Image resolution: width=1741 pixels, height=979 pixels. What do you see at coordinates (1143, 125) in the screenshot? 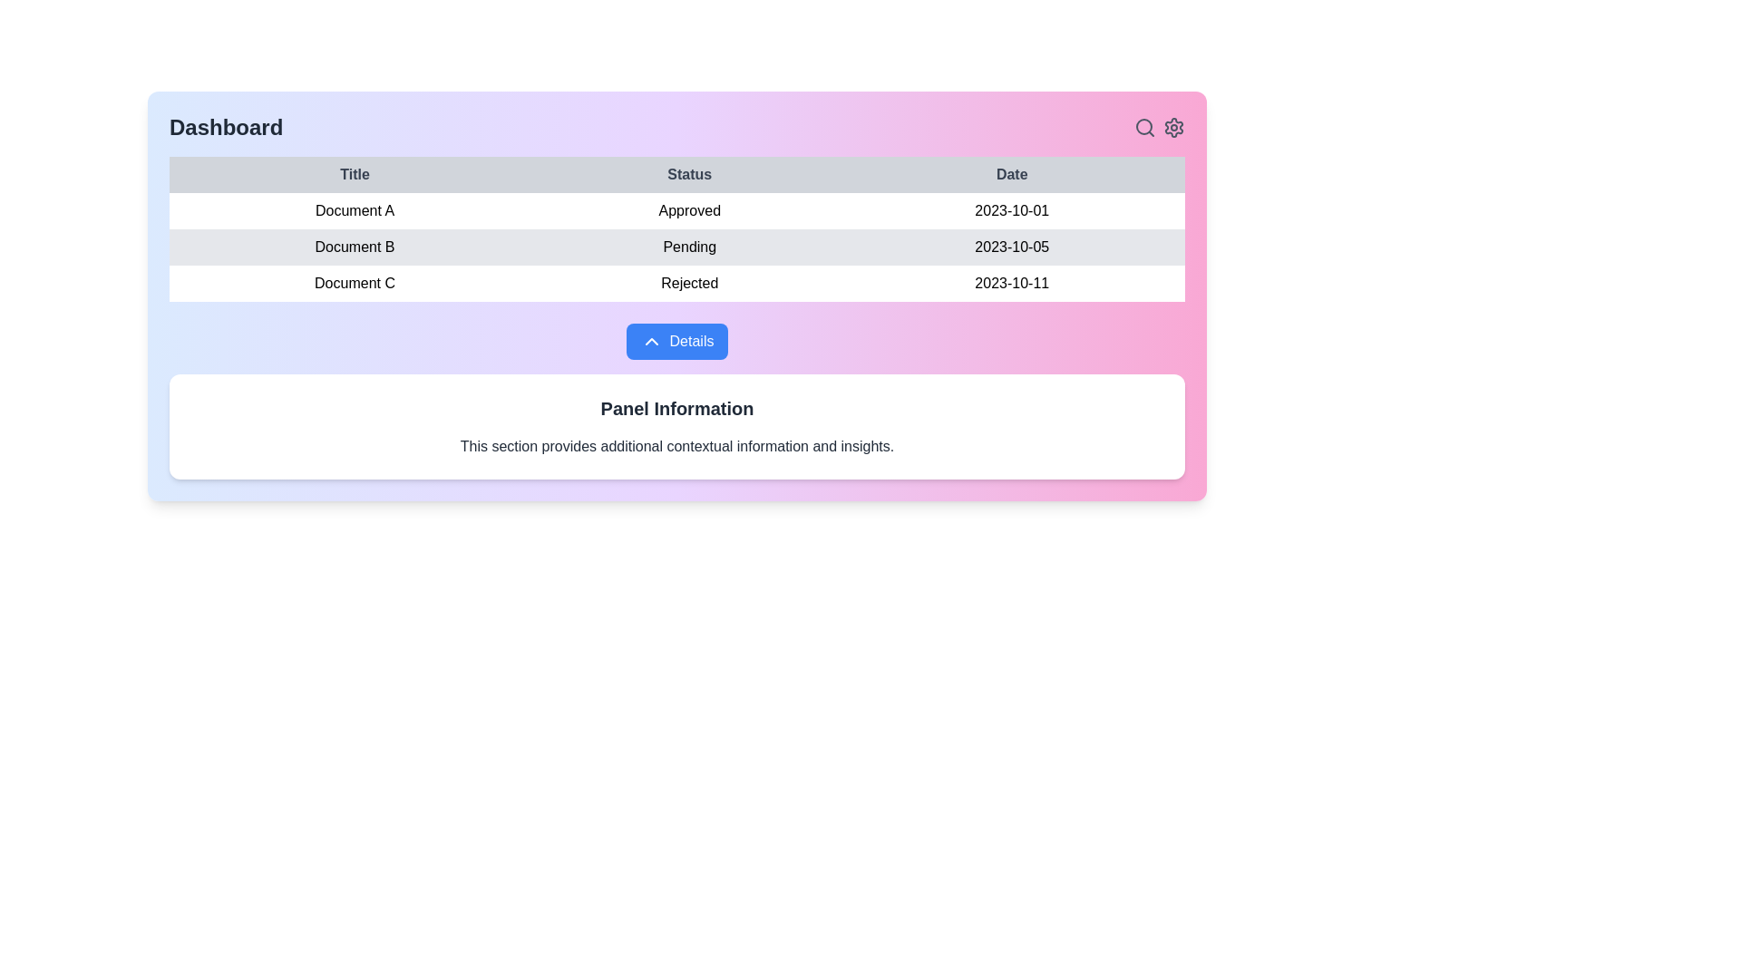
I see `the SVG Circle Element that is part of the magnifying glass icon located in the top-right corner of the application's header section` at bounding box center [1143, 125].